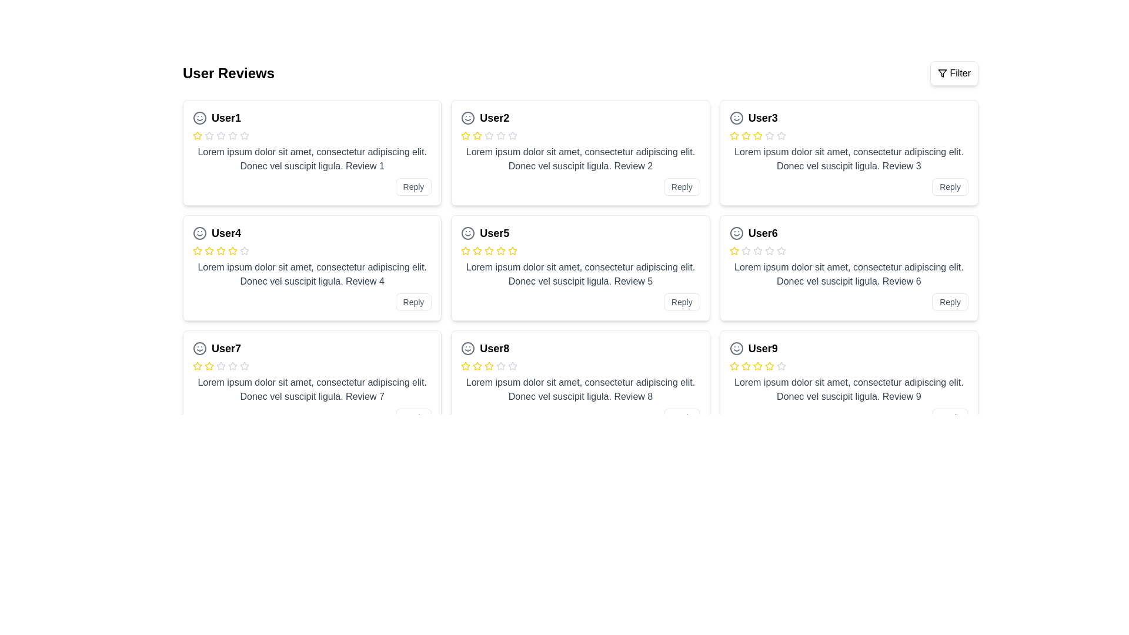 Image resolution: width=1129 pixels, height=635 pixels. What do you see at coordinates (580, 159) in the screenshot?
I see `text content of the Text Block styled with a gray font that contains 'Lorem ipsum dolor sit amet, consectetur adipiscing elit. Donec vel suscipit ligula. Review 2.' located in the card associated with 'User2.'` at bounding box center [580, 159].